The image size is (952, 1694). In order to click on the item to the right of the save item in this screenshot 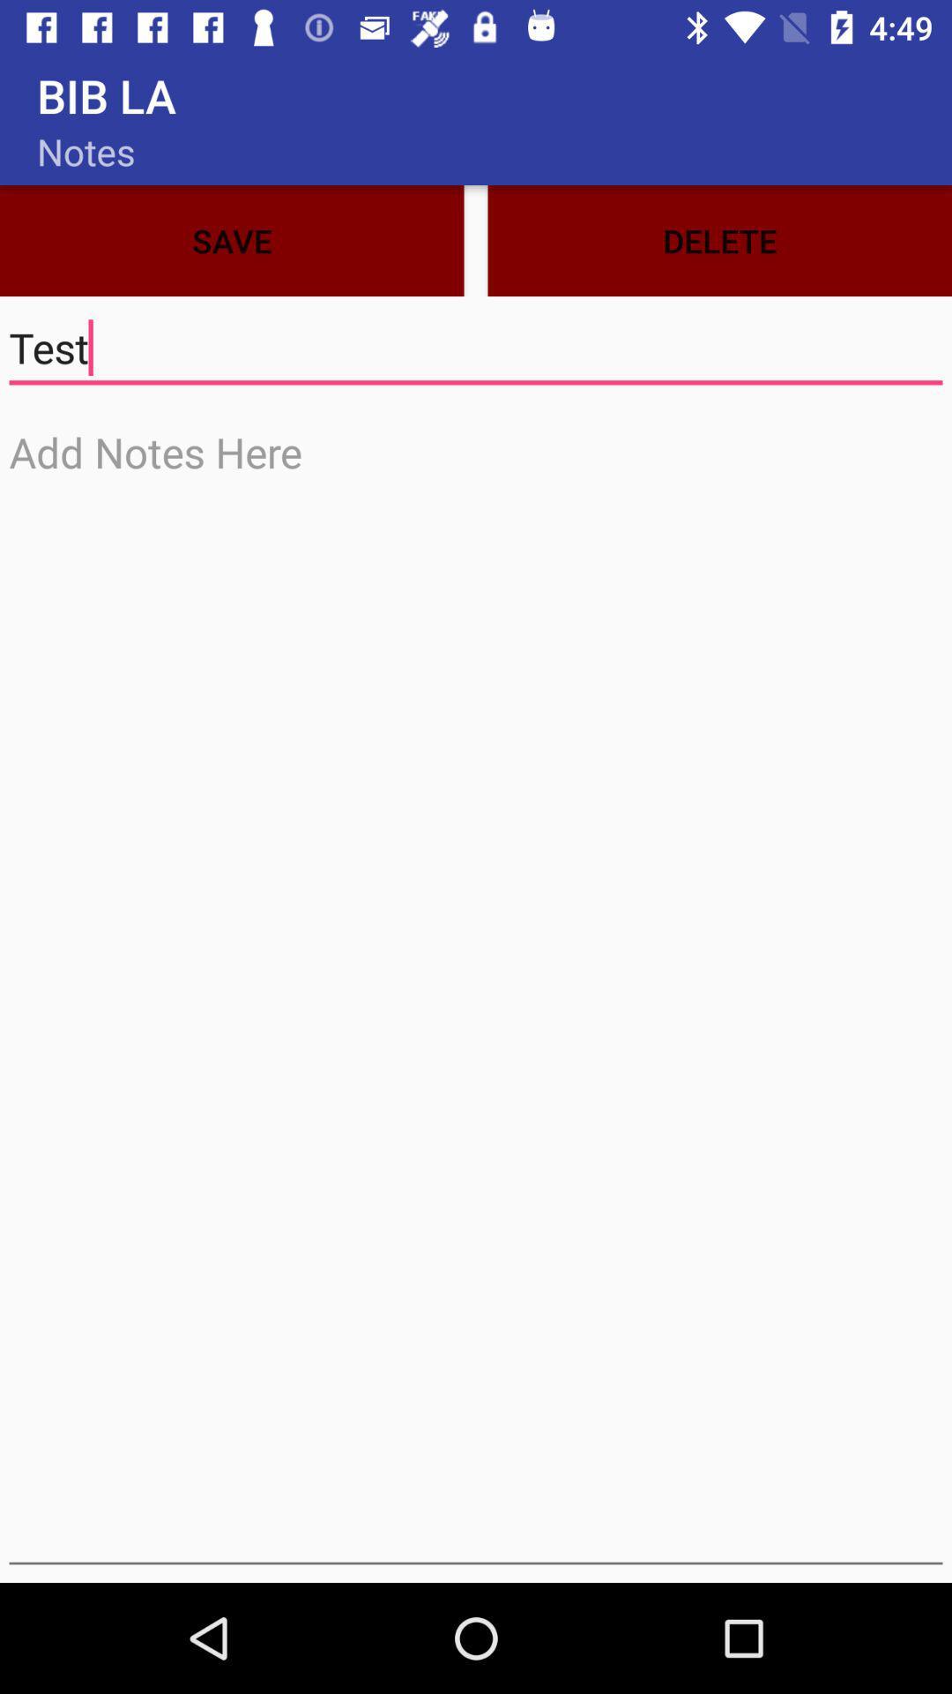, I will do `click(719, 240)`.